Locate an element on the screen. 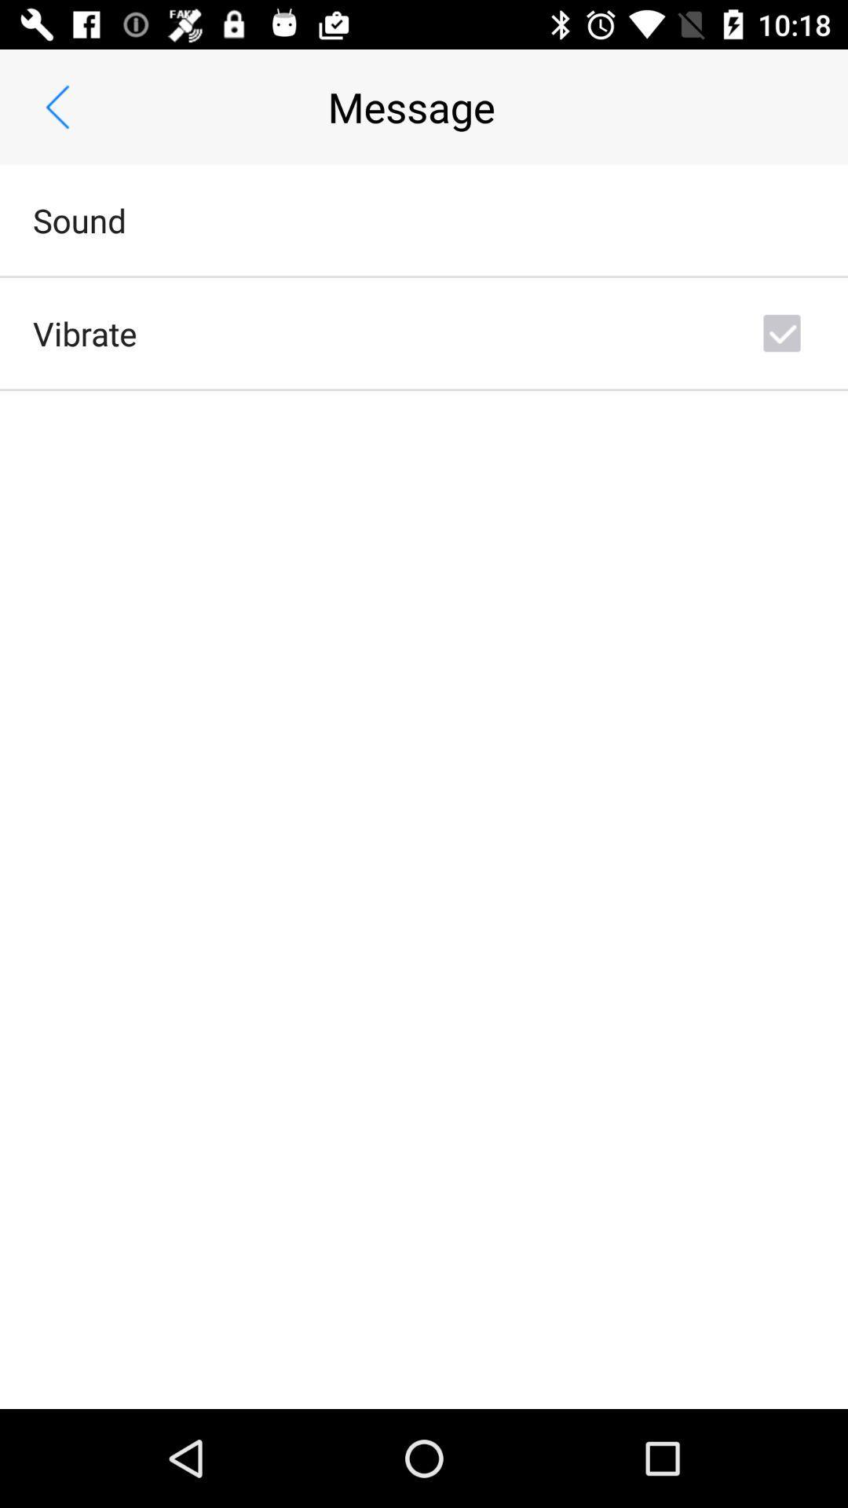  the icon at the top right corner is located at coordinates (781, 332).